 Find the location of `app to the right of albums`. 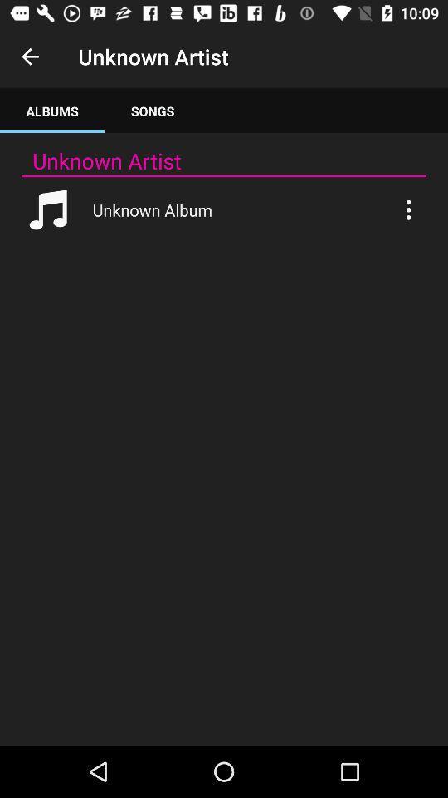

app to the right of albums is located at coordinates (153, 110).